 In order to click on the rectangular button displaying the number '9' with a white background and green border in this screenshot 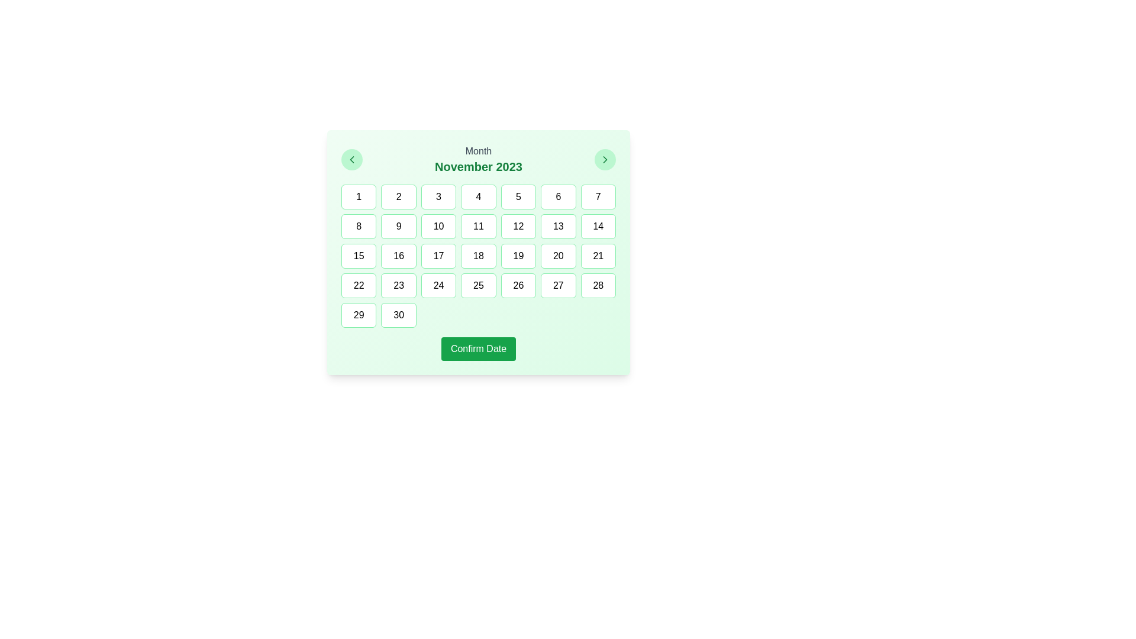, I will do `click(399, 226)`.